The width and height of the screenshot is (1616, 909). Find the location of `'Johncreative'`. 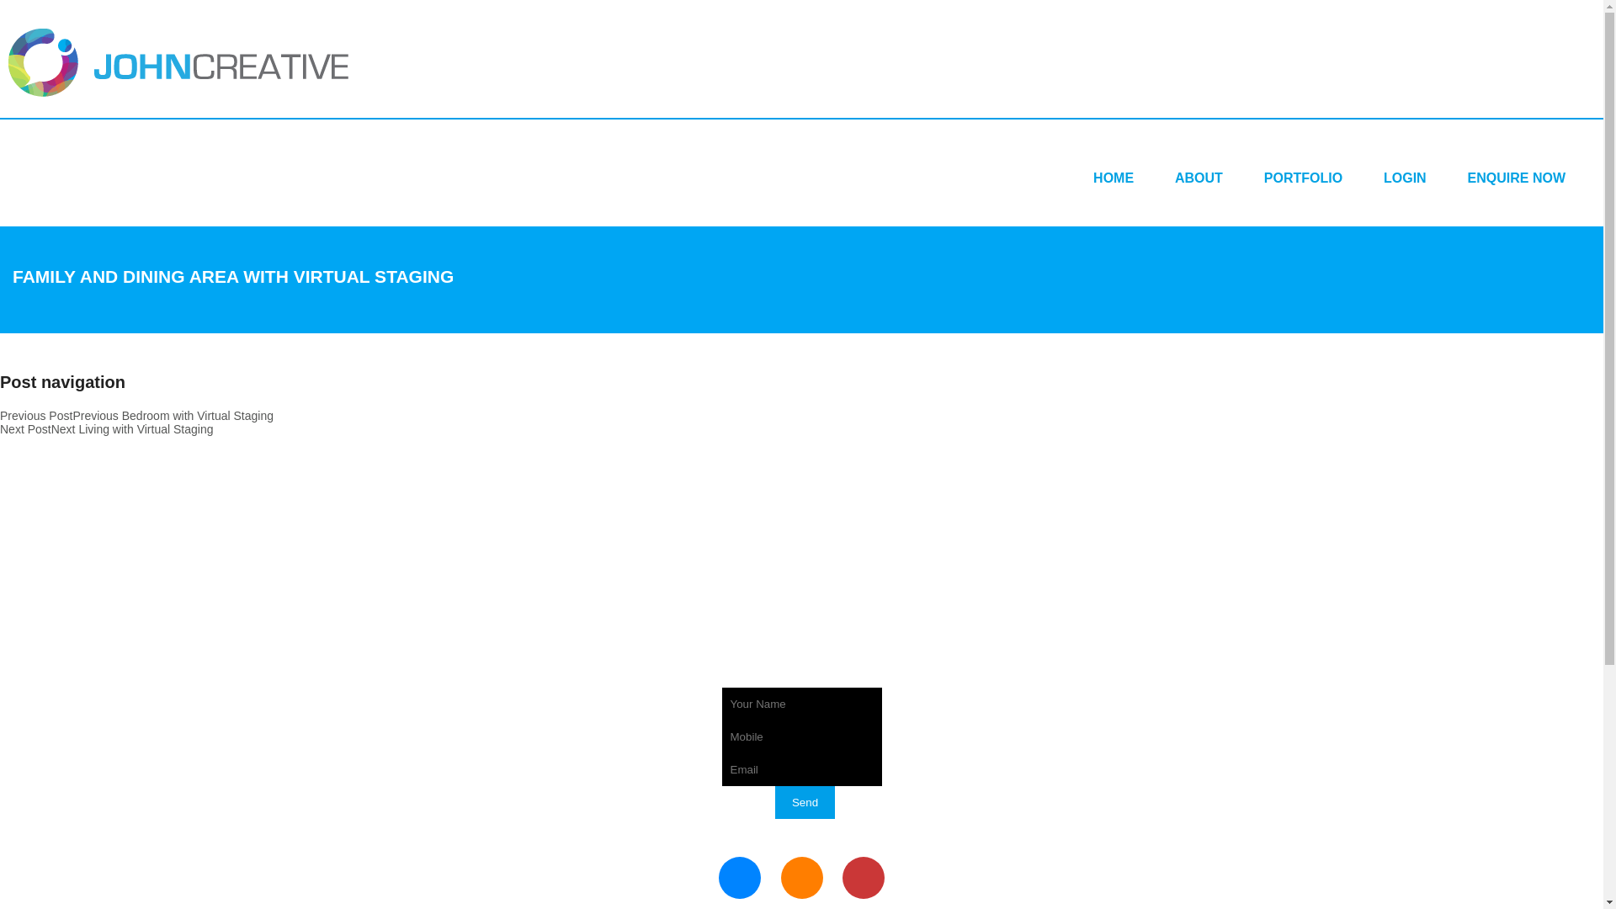

'Johncreative' is located at coordinates (178, 61).